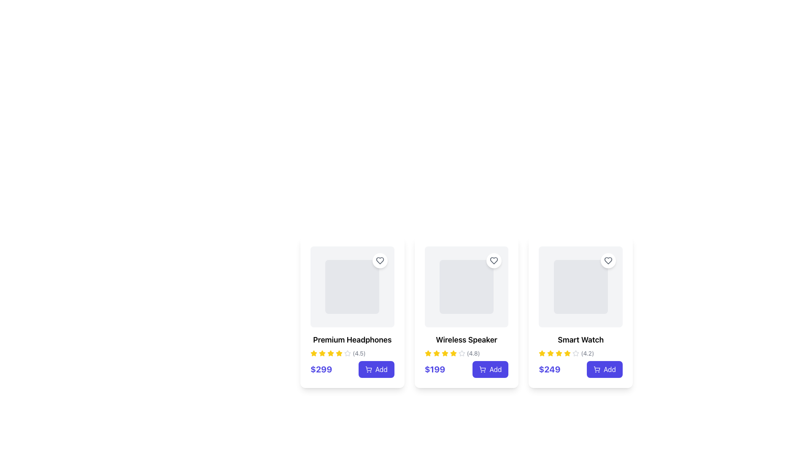 This screenshot has width=810, height=455. I want to click on the Visual Indicator - Rating Component displaying four yellow stars and a gray star, indicating a rating of (4.8), located in the second card from the left for 'Wireless Speaker', so click(466, 353).